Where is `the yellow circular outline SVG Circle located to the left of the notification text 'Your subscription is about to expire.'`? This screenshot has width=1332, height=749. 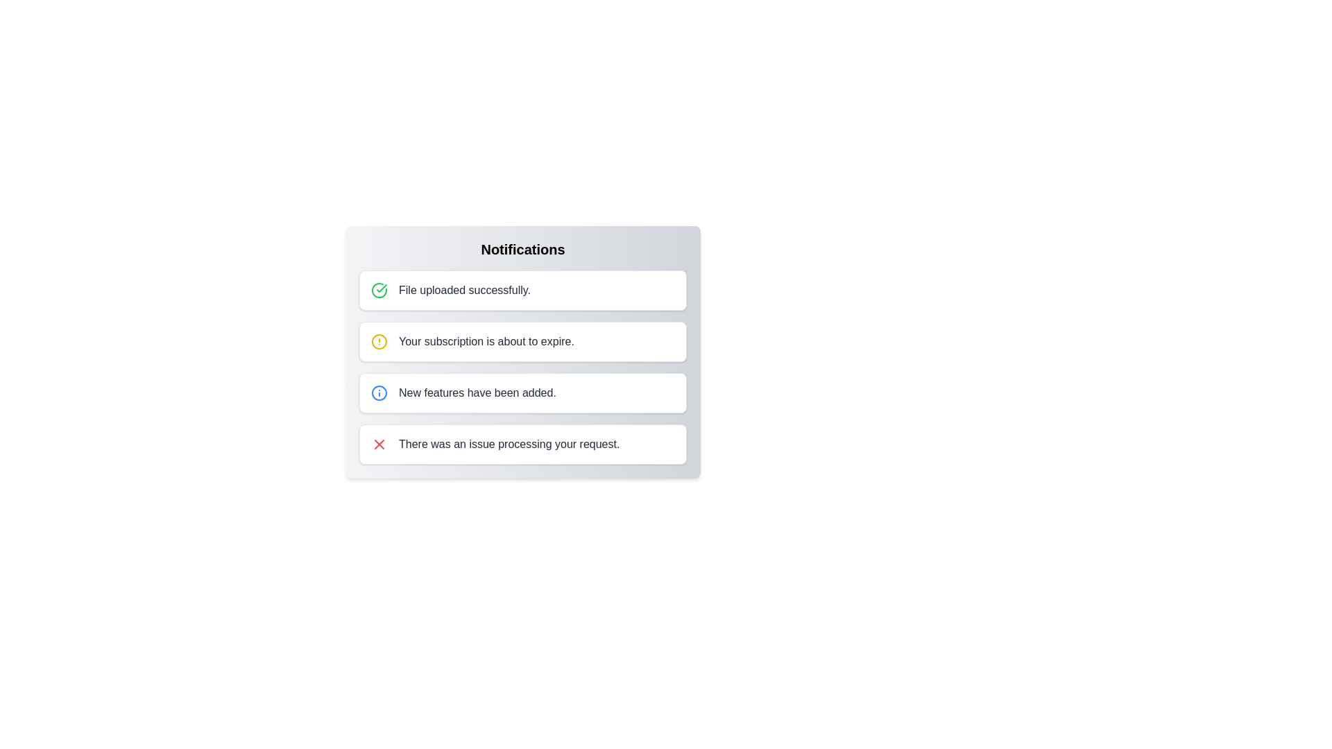 the yellow circular outline SVG Circle located to the left of the notification text 'Your subscription is about to expire.' is located at coordinates (379, 342).